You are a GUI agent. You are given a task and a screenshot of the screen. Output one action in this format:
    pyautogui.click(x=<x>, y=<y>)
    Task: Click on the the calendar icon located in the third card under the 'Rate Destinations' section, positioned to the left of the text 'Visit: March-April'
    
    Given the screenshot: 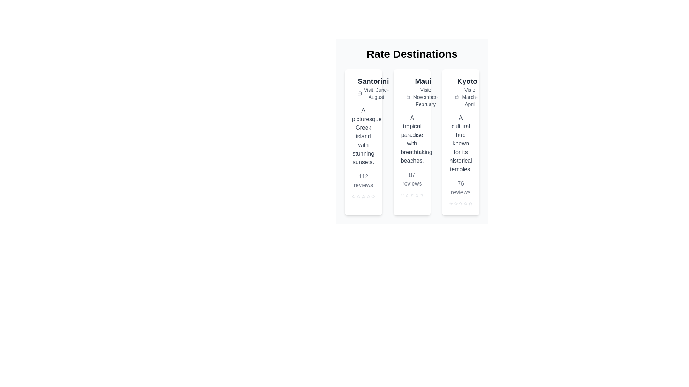 What is the action you would take?
    pyautogui.click(x=456, y=97)
    